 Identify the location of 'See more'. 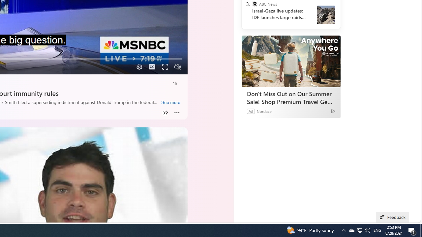
(170, 103).